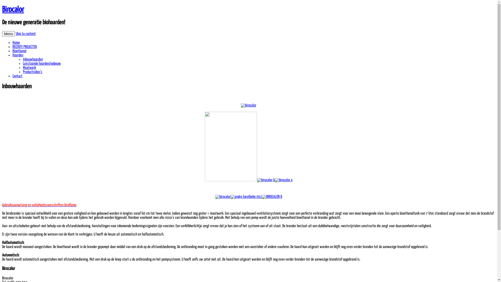  What do you see at coordinates (25, 34) in the screenshot?
I see `'Skip to content'` at bounding box center [25, 34].